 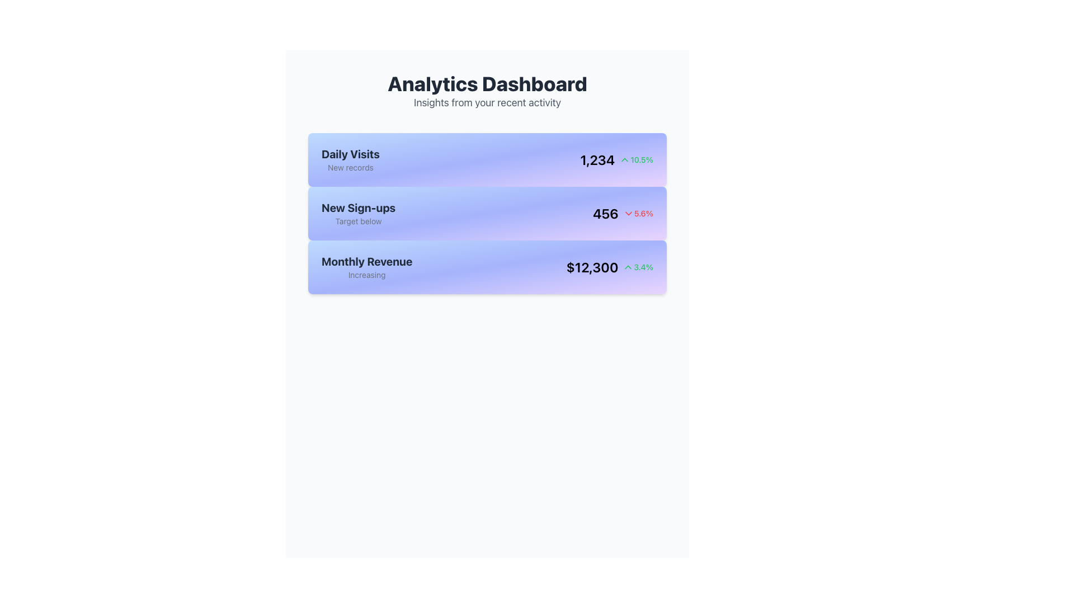 I want to click on the small, green, upward-pointing chevron icon located to the left of the percentage text '10.5%' in the 'Daily Visits' section, so click(x=624, y=159).